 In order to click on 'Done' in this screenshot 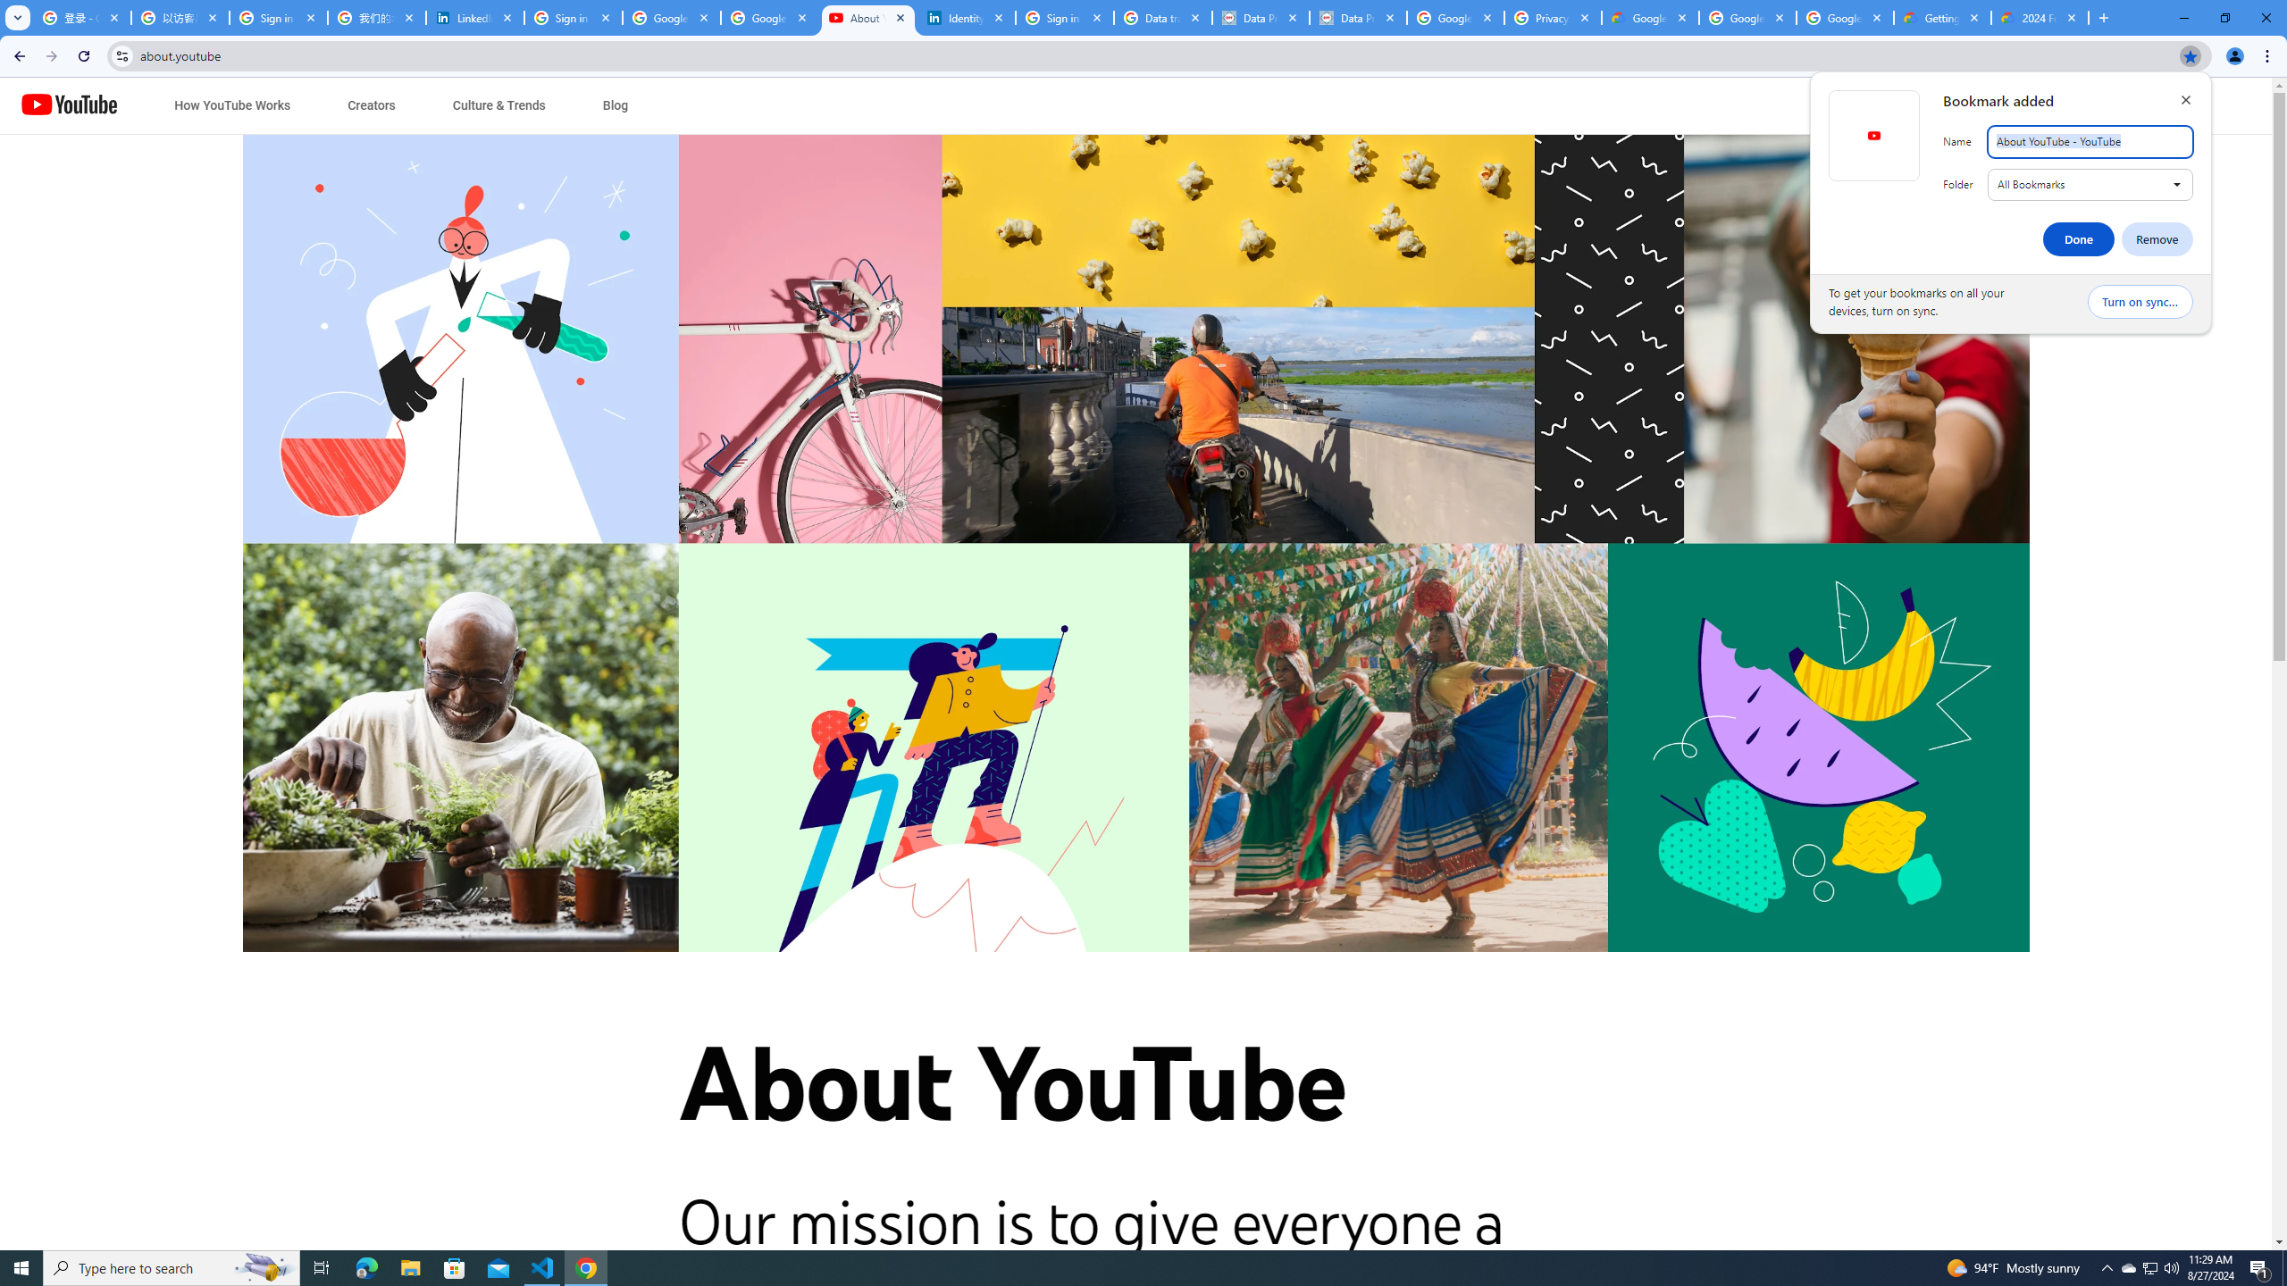, I will do `click(2079, 238)`.